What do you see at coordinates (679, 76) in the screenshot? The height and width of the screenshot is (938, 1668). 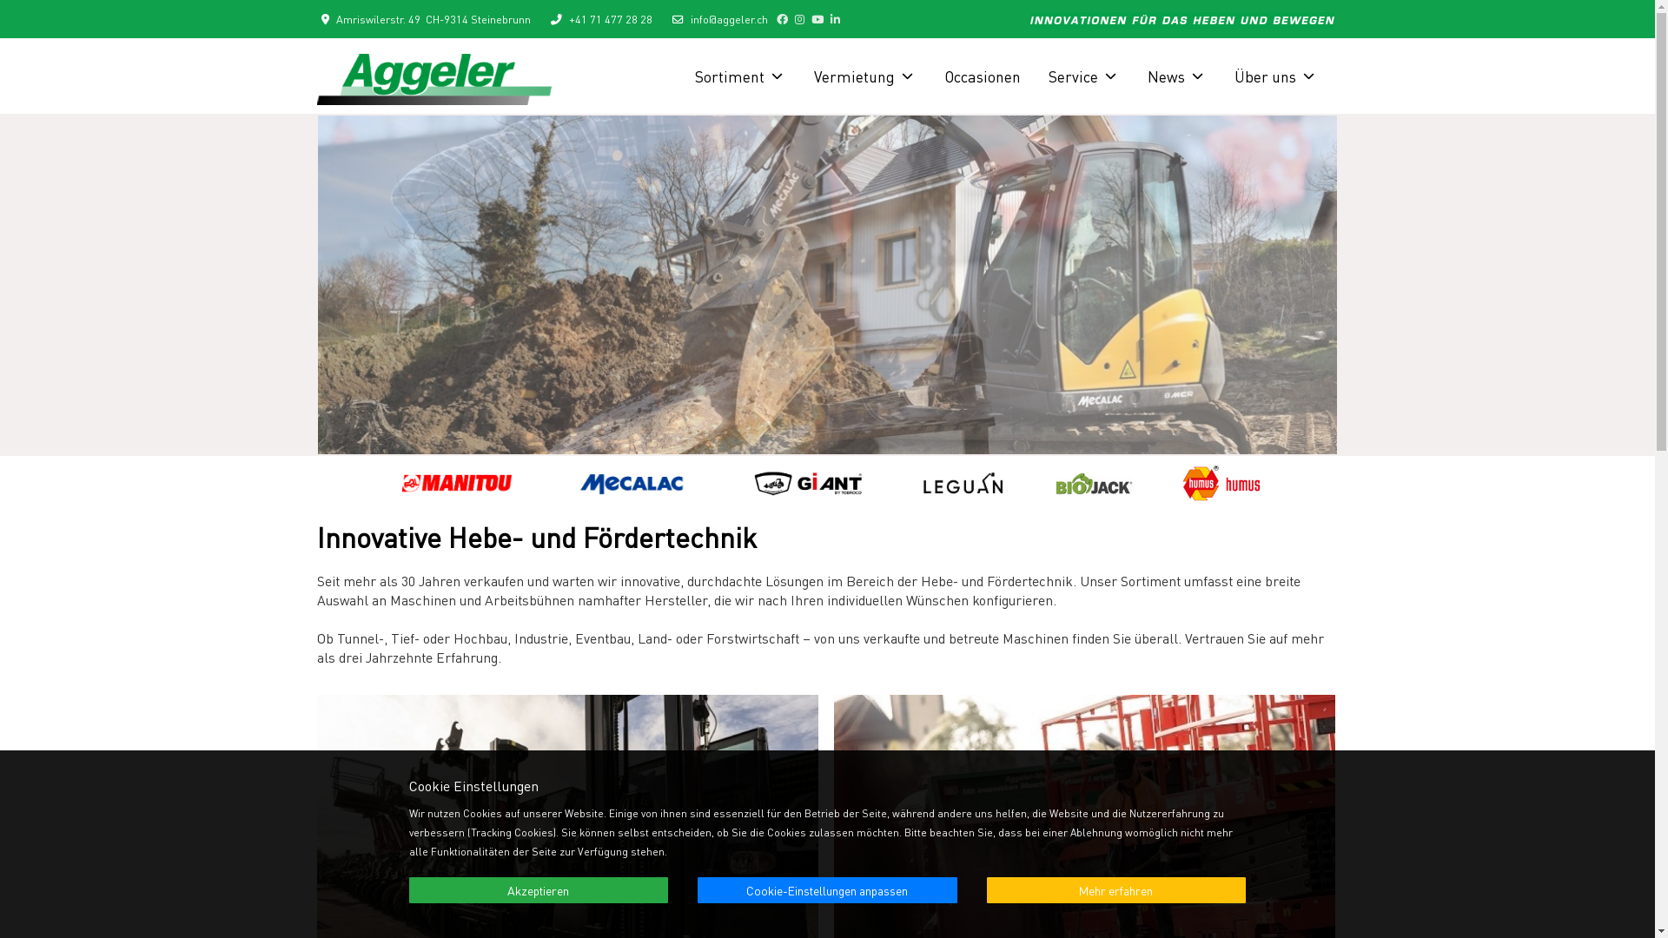 I see `'Sortiment'` at bounding box center [679, 76].